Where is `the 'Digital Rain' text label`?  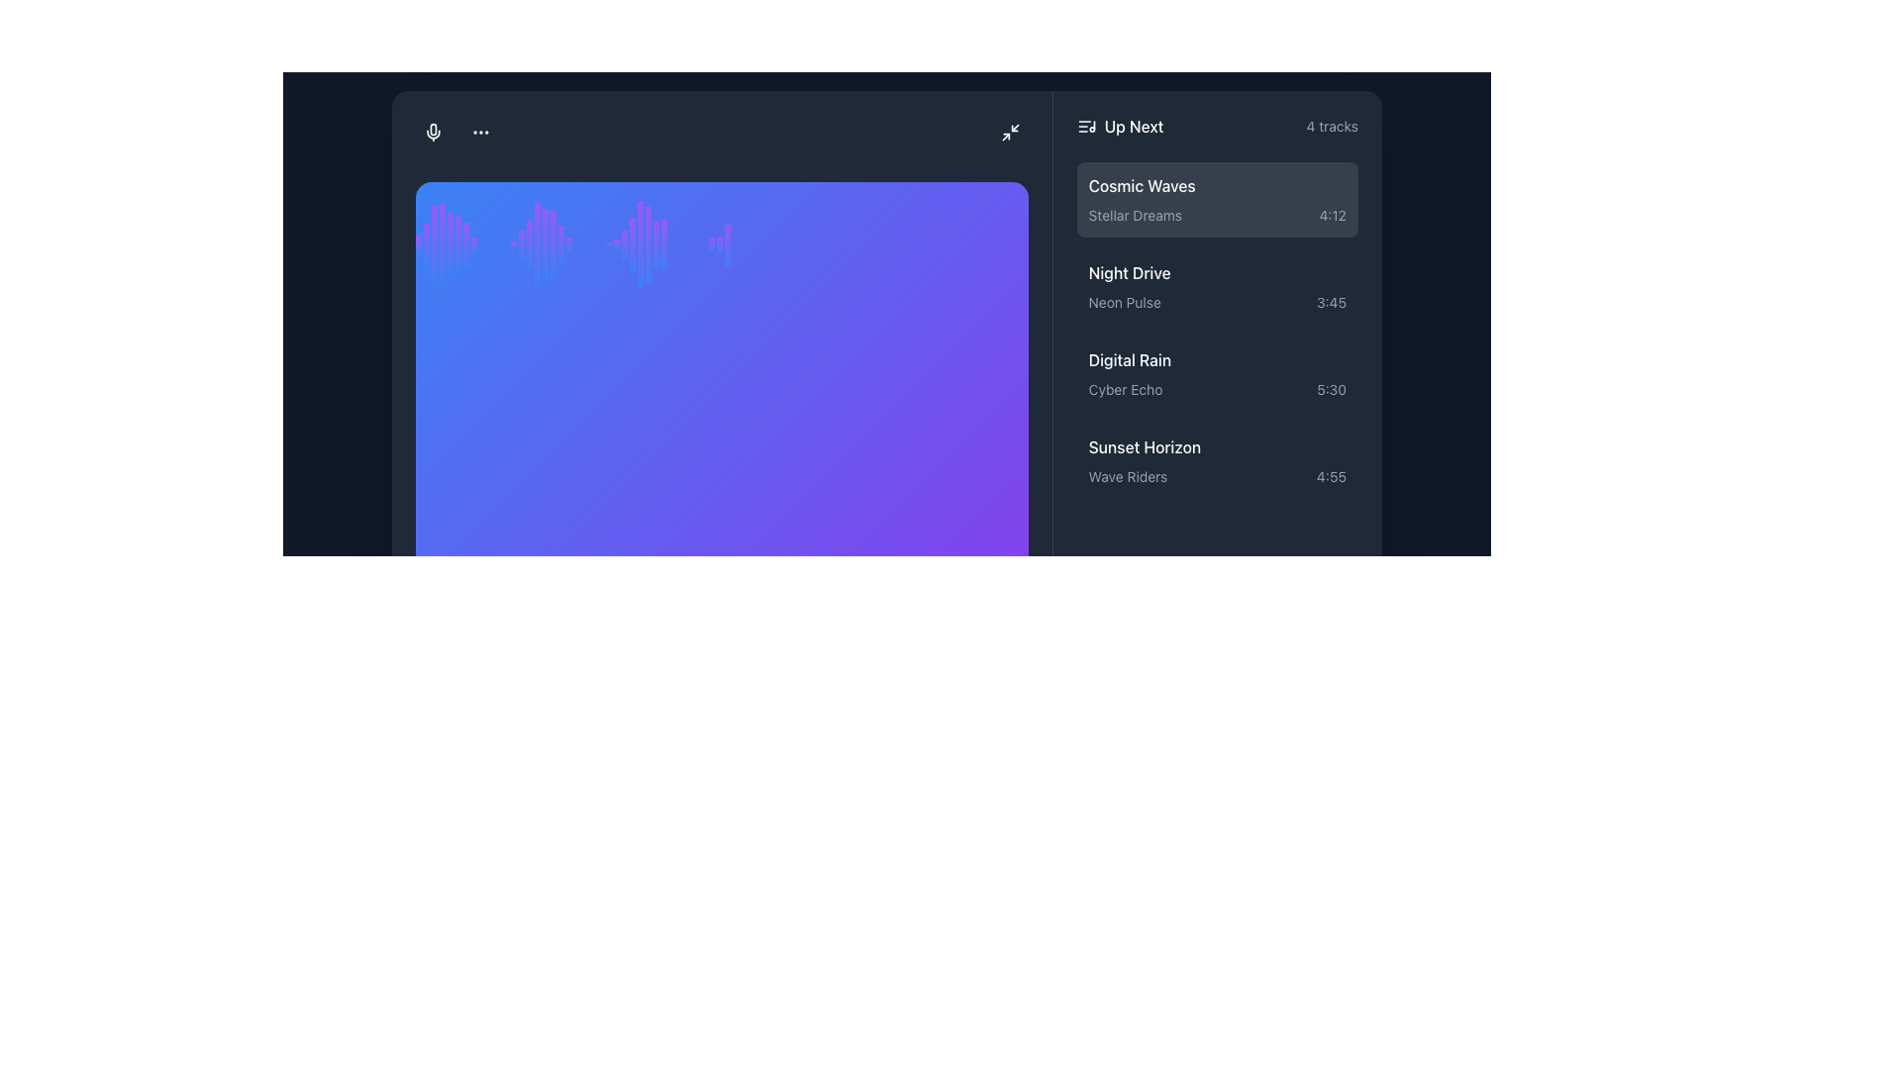 the 'Digital Rain' text label is located at coordinates (1130, 359).